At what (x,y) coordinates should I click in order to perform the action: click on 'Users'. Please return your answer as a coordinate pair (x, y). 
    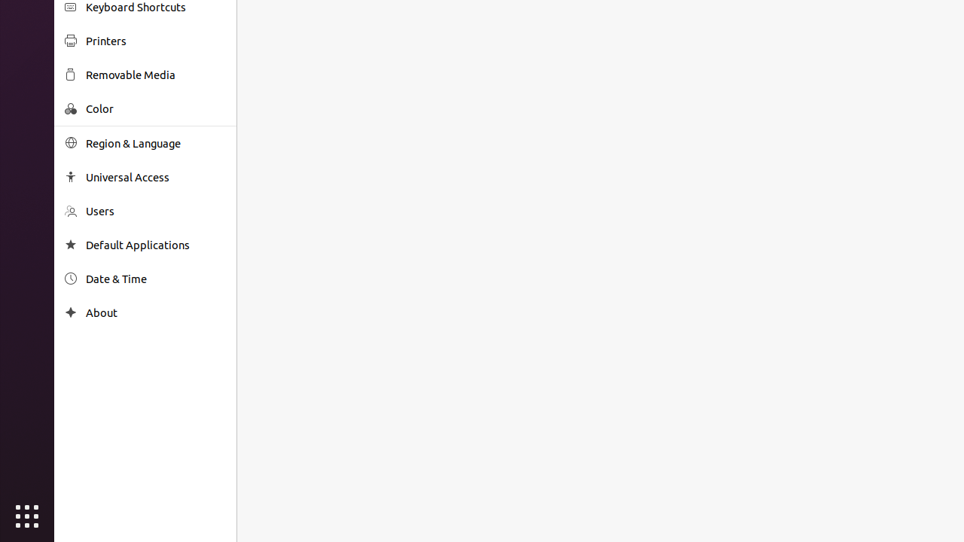
    Looking at the image, I should click on (155, 211).